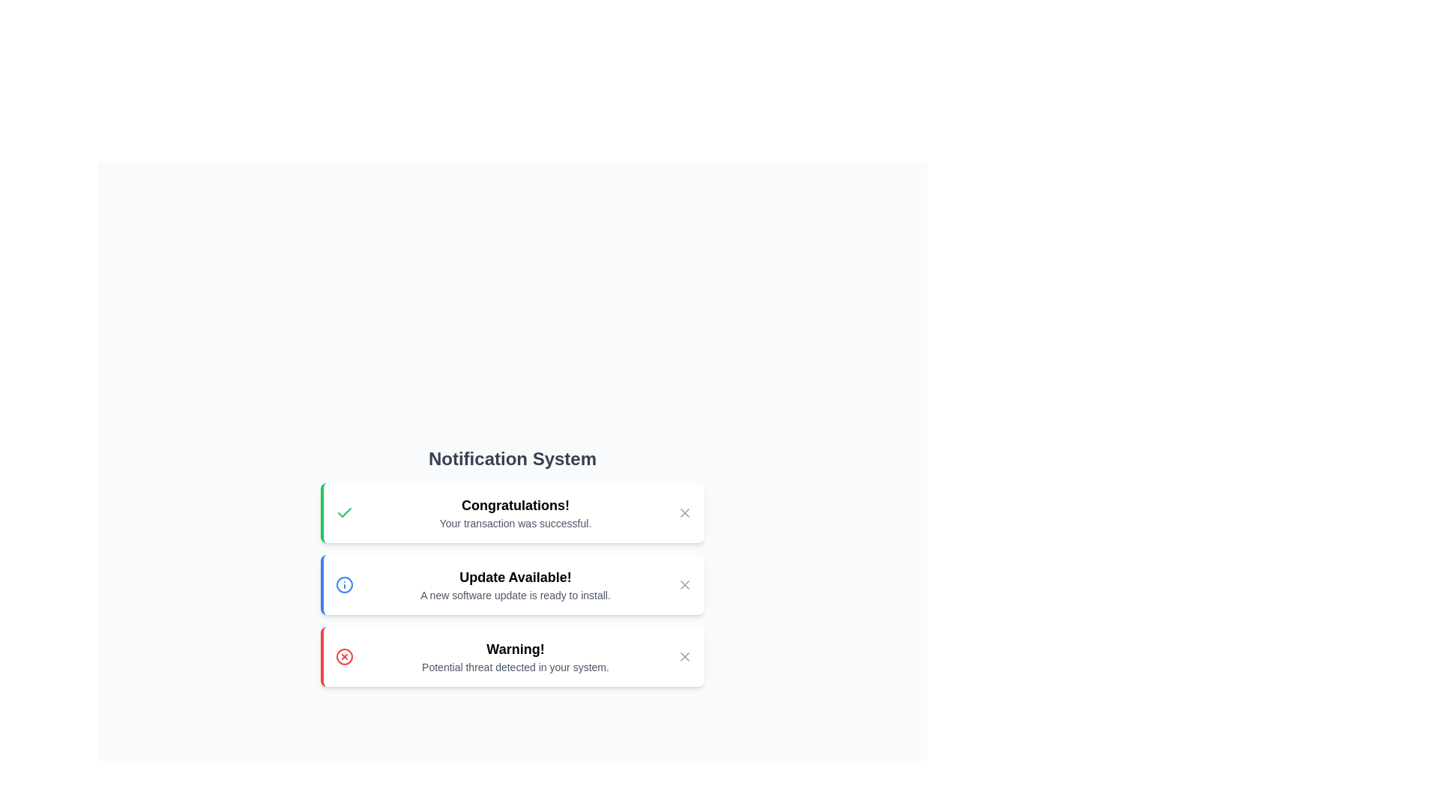 This screenshot has height=809, width=1439. I want to click on text label that says 'Update Available!' which is a bold, large-font notification located in the middle of the notification card, so click(515, 577).